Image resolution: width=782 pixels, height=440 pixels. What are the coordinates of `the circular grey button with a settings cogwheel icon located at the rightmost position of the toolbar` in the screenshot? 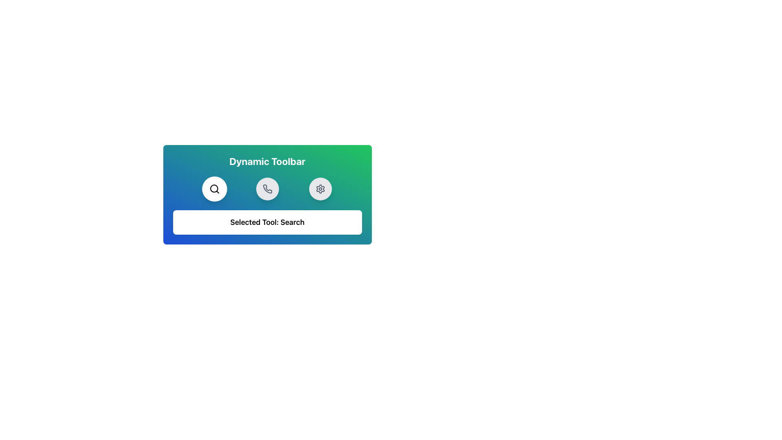 It's located at (320, 189).